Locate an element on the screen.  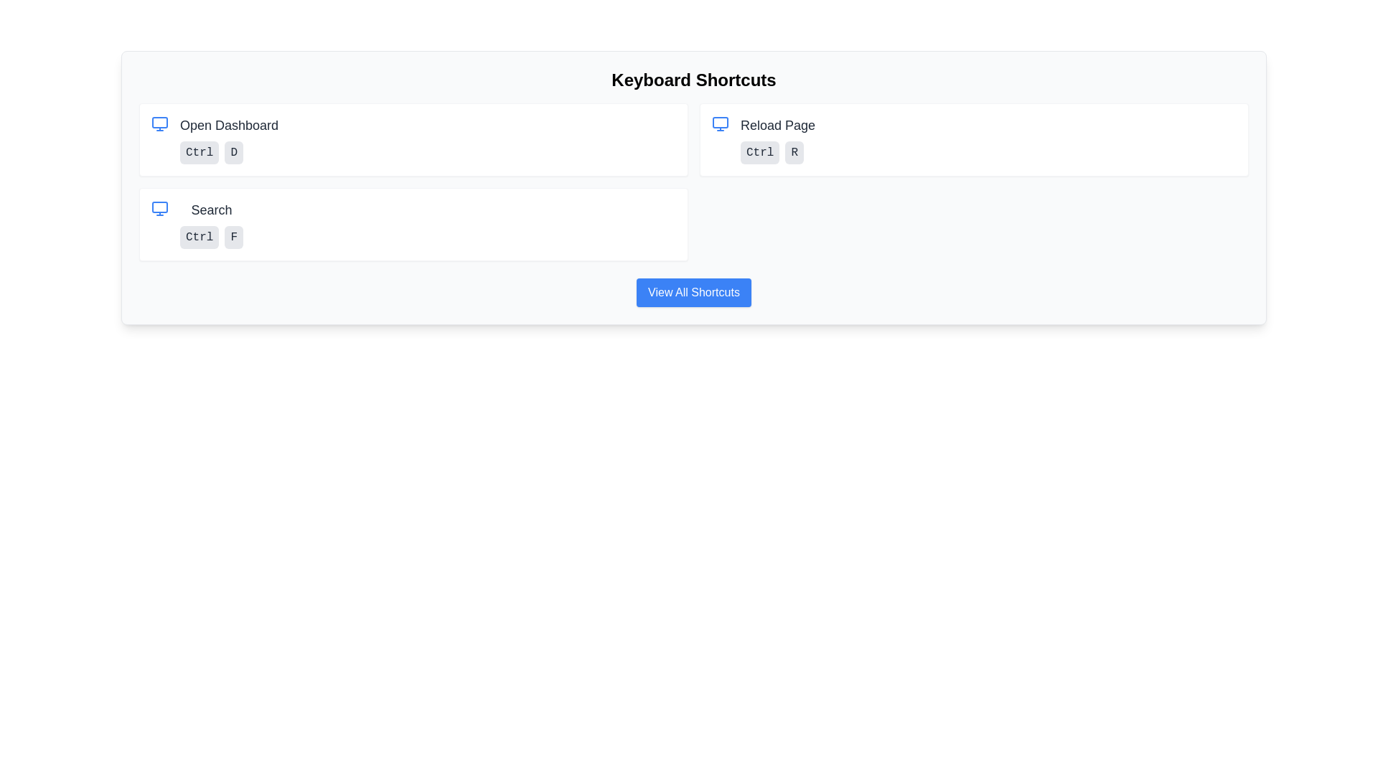
the 'Ctrl' and 'D' keyboard shortcut label located below the 'Open Dashboard' heading, which is visually aligned to the left of the surrounding panel is located at coordinates (228, 152).